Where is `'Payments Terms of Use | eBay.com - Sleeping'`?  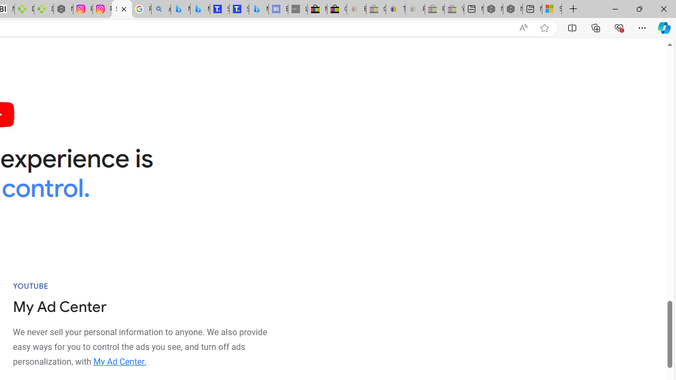 'Payments Terms of Use | eBay.com - Sleeping' is located at coordinates (414, 9).